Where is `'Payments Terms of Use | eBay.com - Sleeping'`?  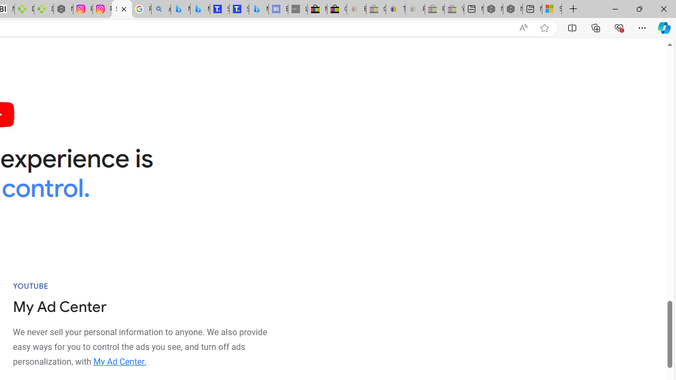 'Payments Terms of Use | eBay.com - Sleeping' is located at coordinates (414, 9).